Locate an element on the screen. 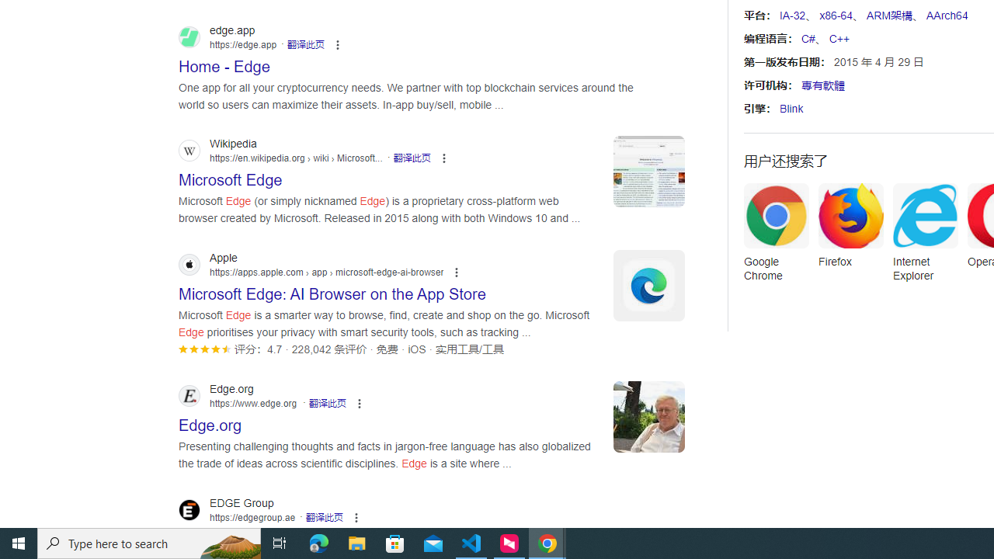 This screenshot has height=559, width=994. 'Internet Explorer' is located at coordinates (925, 238).